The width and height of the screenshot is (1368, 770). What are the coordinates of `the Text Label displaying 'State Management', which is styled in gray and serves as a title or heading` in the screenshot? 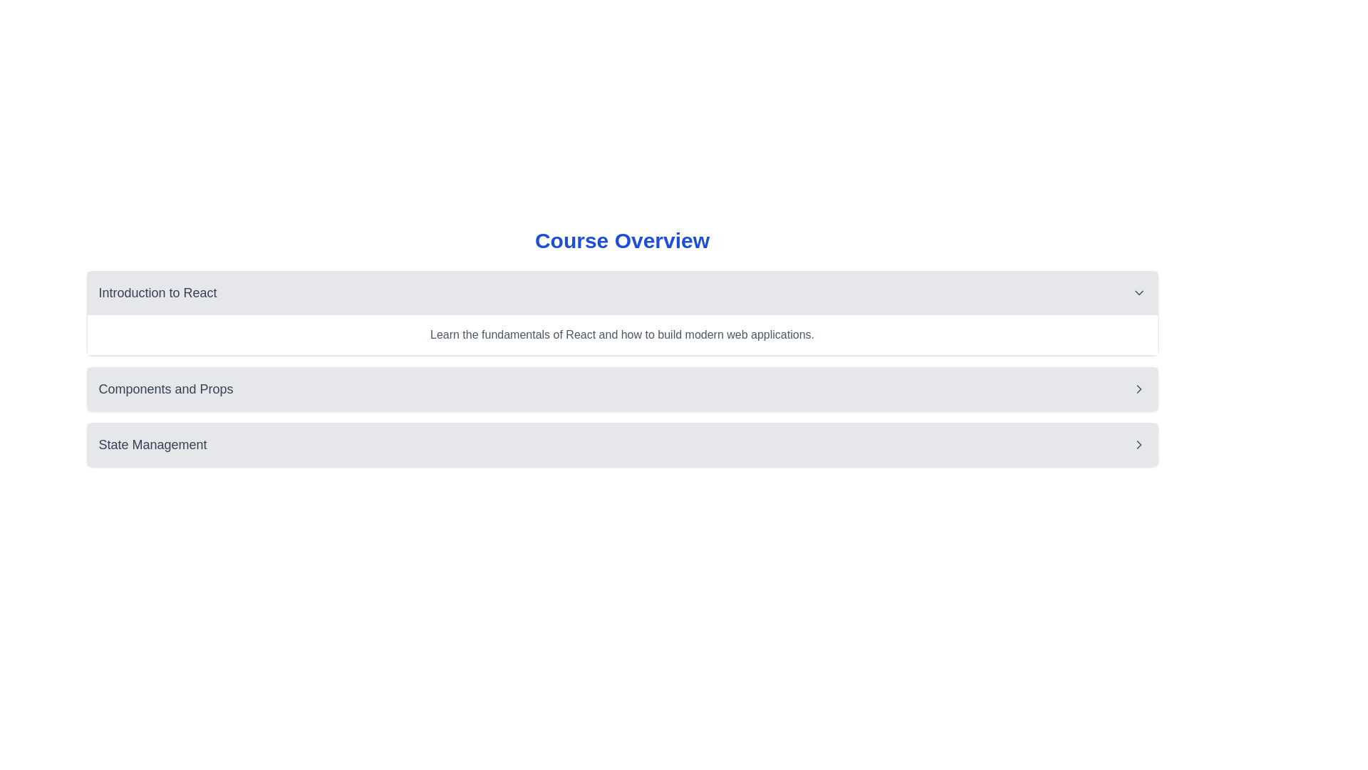 It's located at (152, 444).